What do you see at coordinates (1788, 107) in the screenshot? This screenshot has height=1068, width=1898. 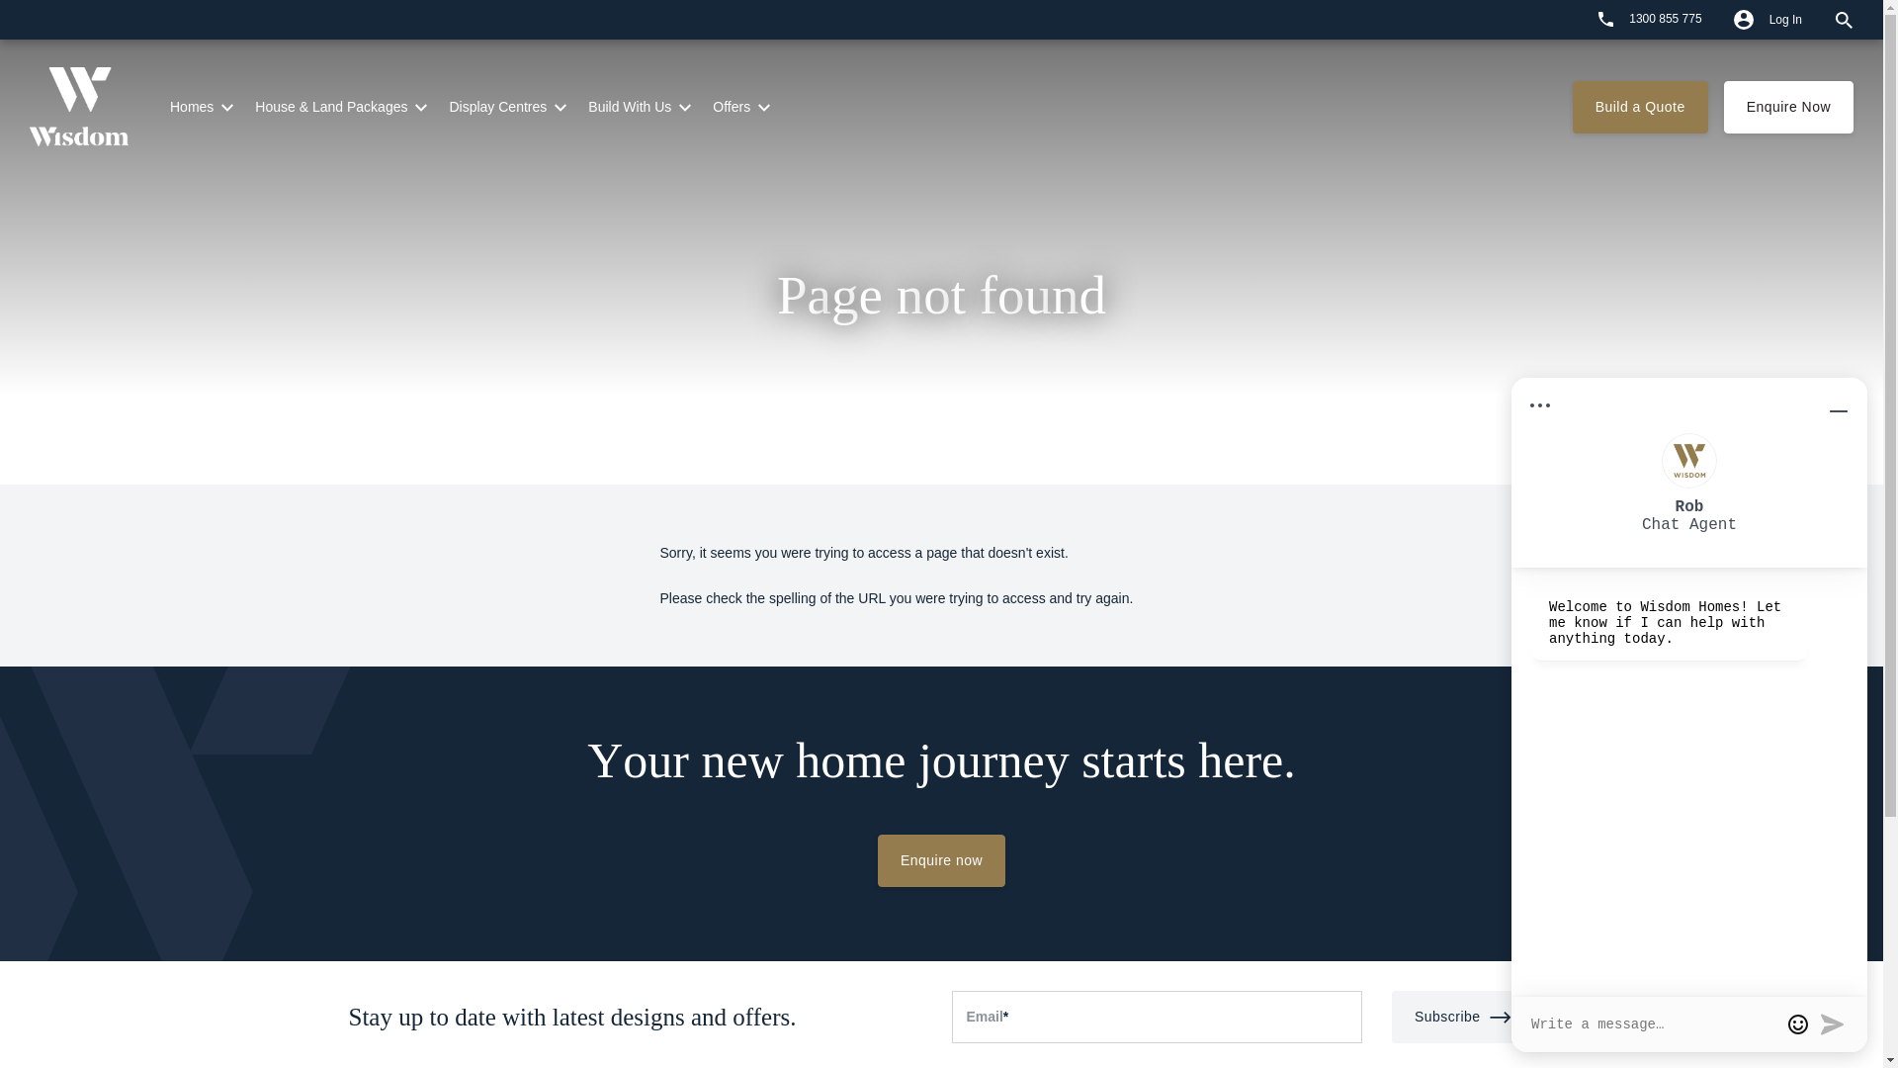 I see `'Enquire Now'` at bounding box center [1788, 107].